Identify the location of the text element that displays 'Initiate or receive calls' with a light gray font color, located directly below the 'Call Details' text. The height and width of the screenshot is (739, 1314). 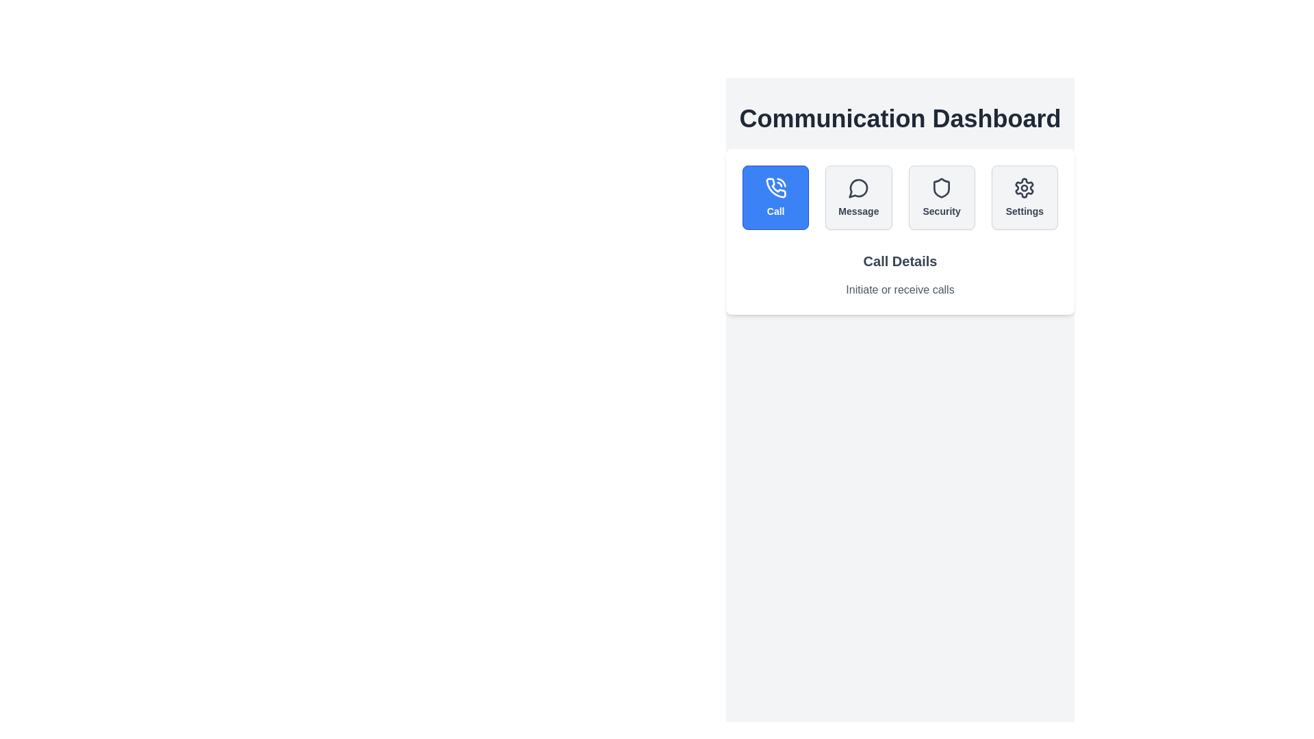
(900, 289).